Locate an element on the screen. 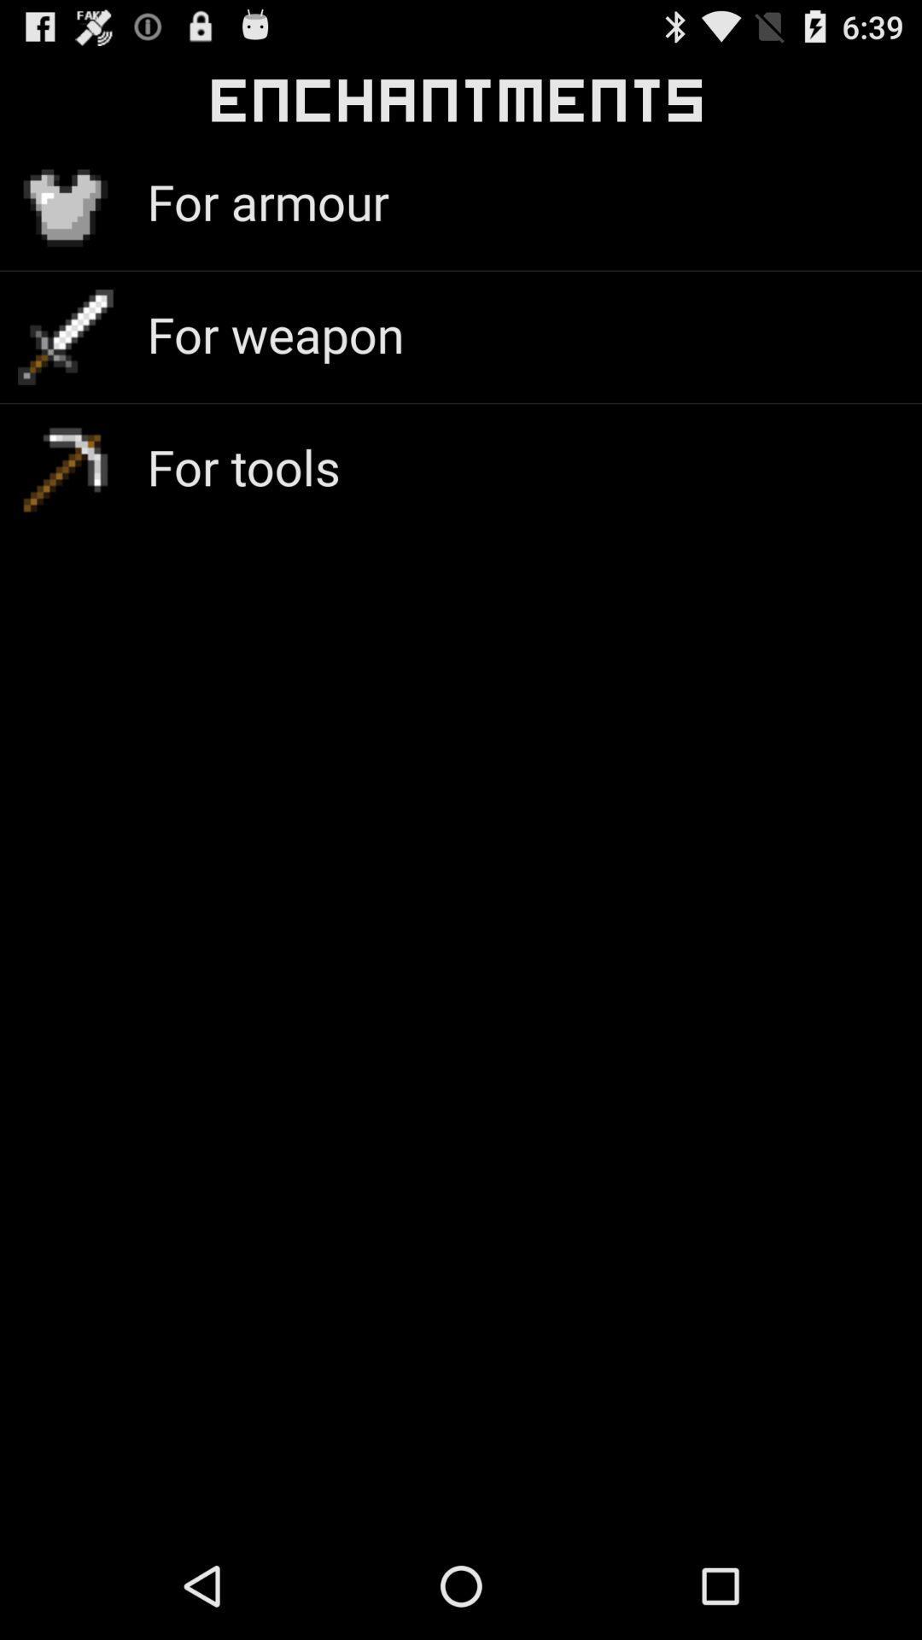 The width and height of the screenshot is (922, 1640). app below the for armour is located at coordinates (274, 334).